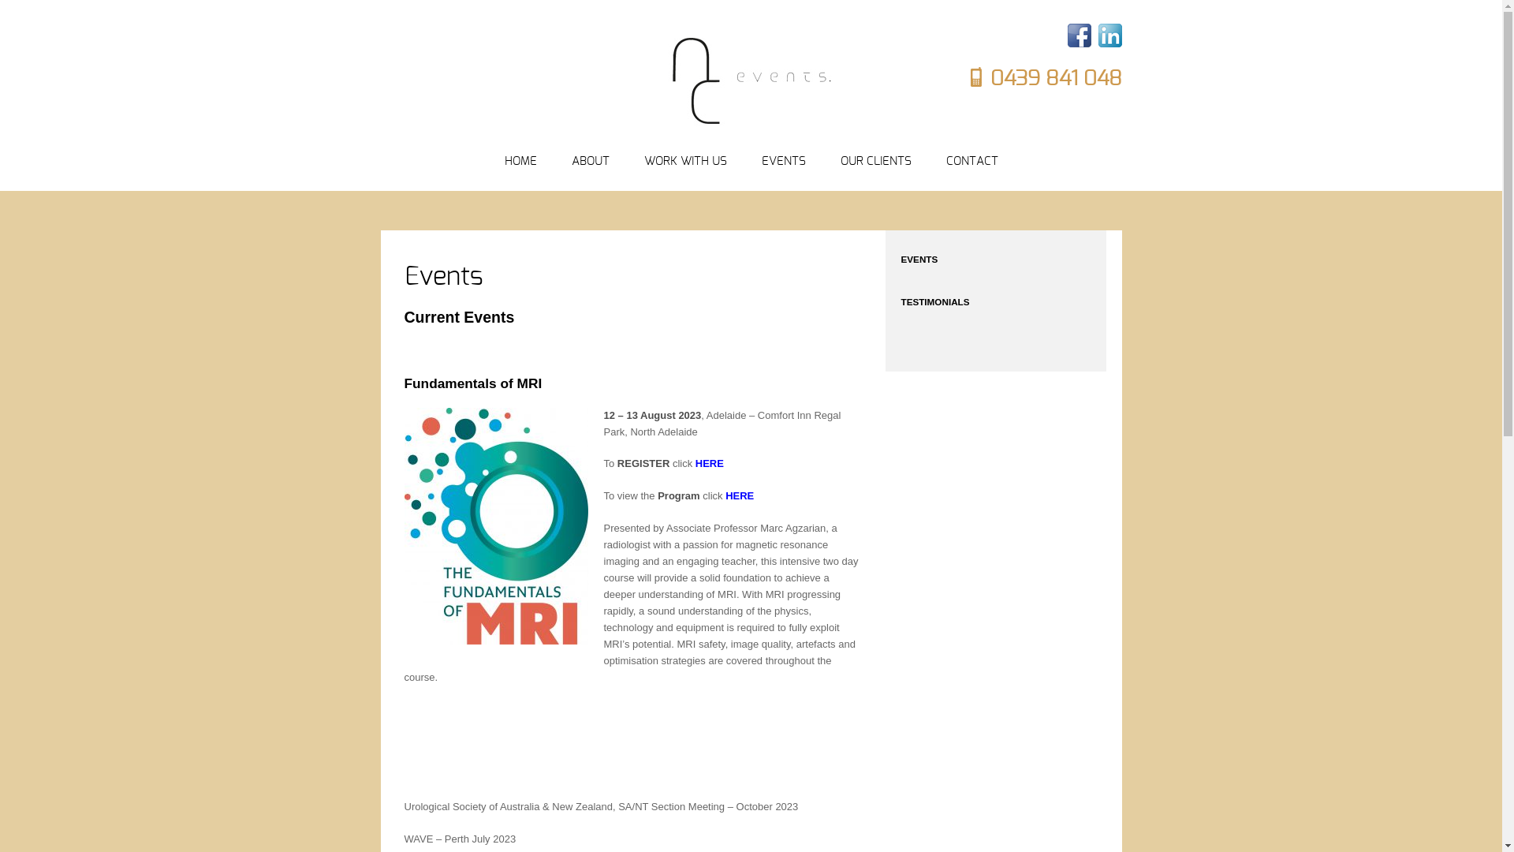 Image resolution: width=1514 pixels, height=852 pixels. What do you see at coordinates (874, 162) in the screenshot?
I see `'OUR CLIENTS'` at bounding box center [874, 162].